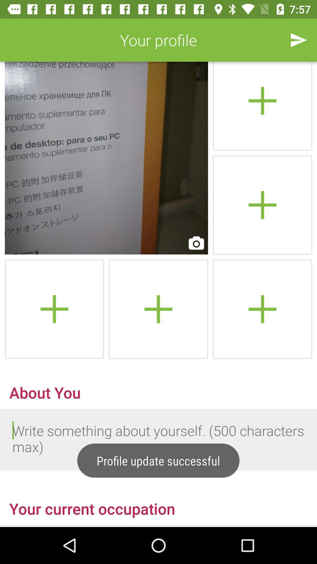 This screenshot has height=564, width=317. I want to click on about you section, so click(158, 440).